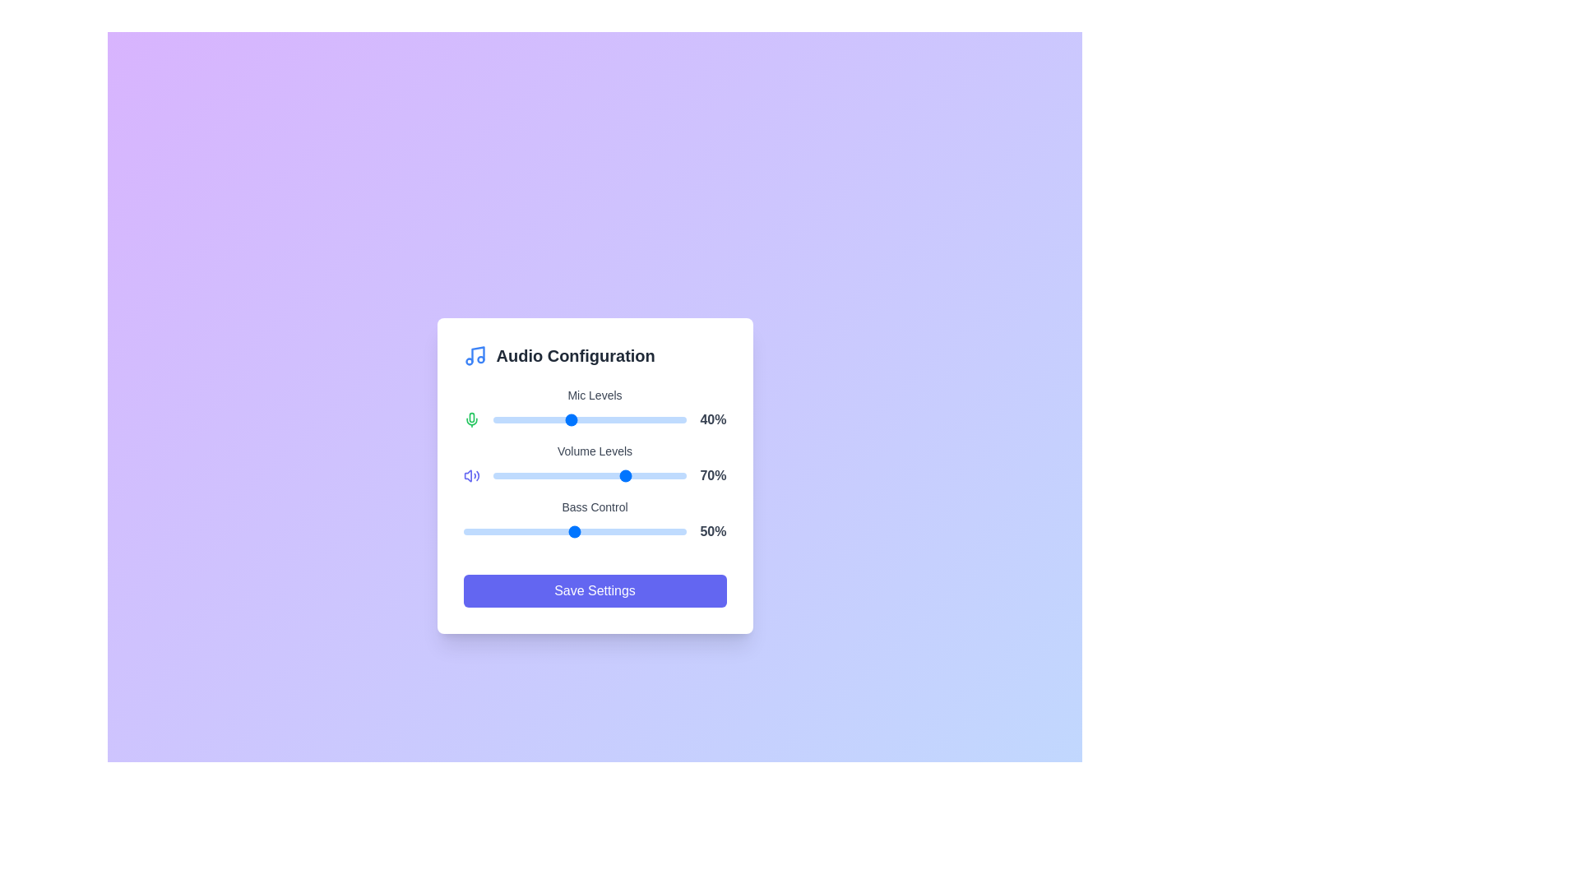 Image resolution: width=1579 pixels, height=888 pixels. I want to click on the Volume Levels slider to 30% by dragging the slider, so click(551, 475).